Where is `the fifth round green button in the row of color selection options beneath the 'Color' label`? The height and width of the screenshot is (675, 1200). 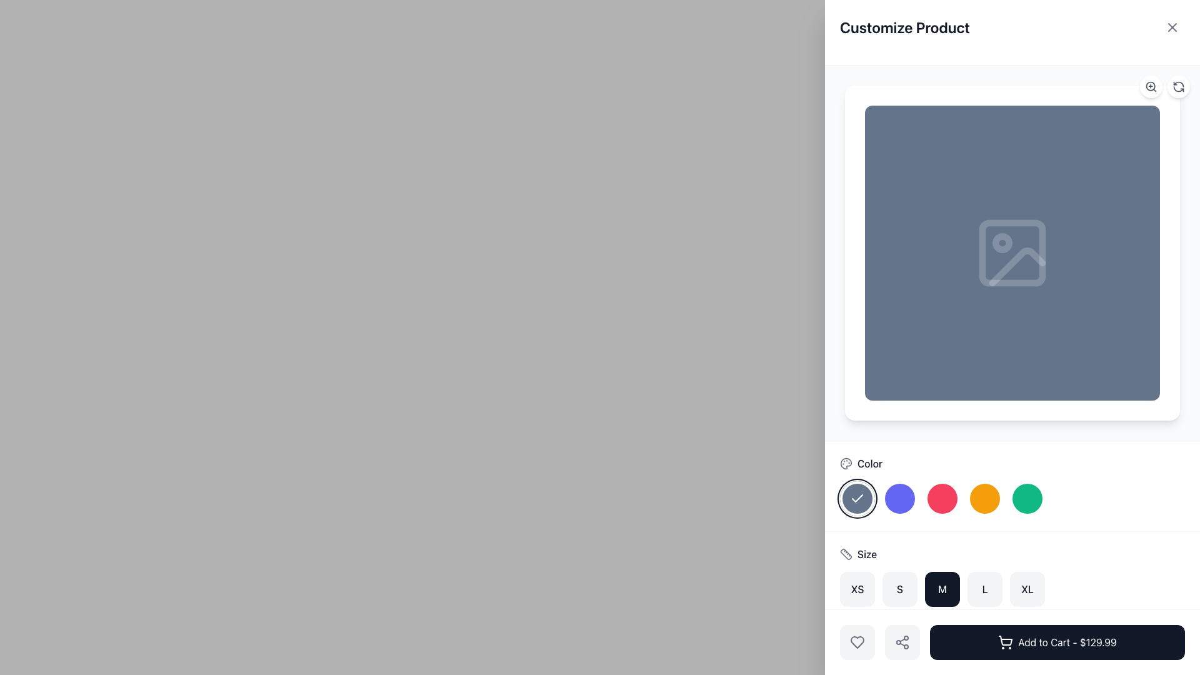
the fifth round green button in the row of color selection options beneath the 'Color' label is located at coordinates (1012, 498).